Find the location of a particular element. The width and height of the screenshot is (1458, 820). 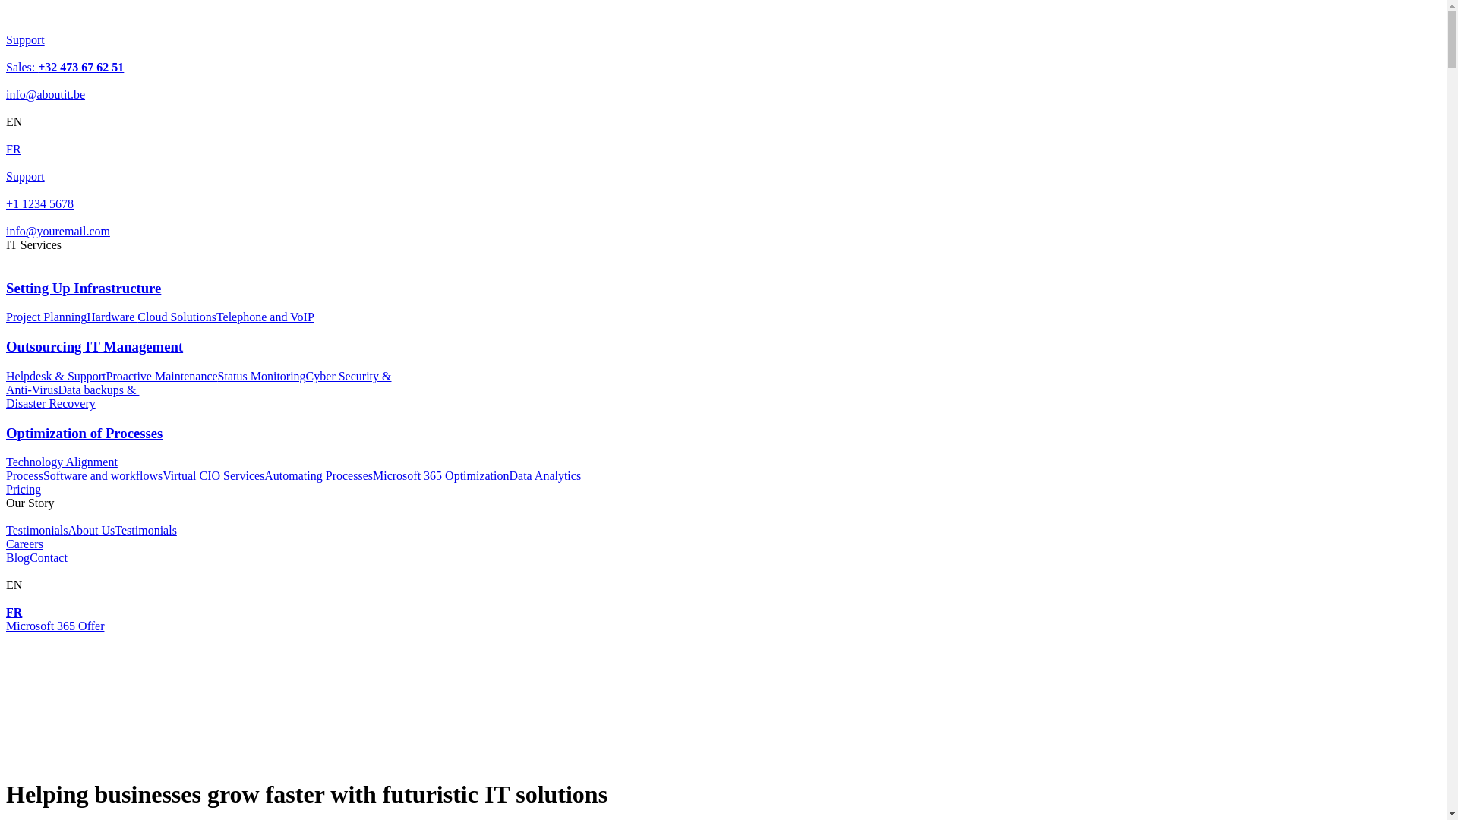

'Hardware' is located at coordinates (111, 316).